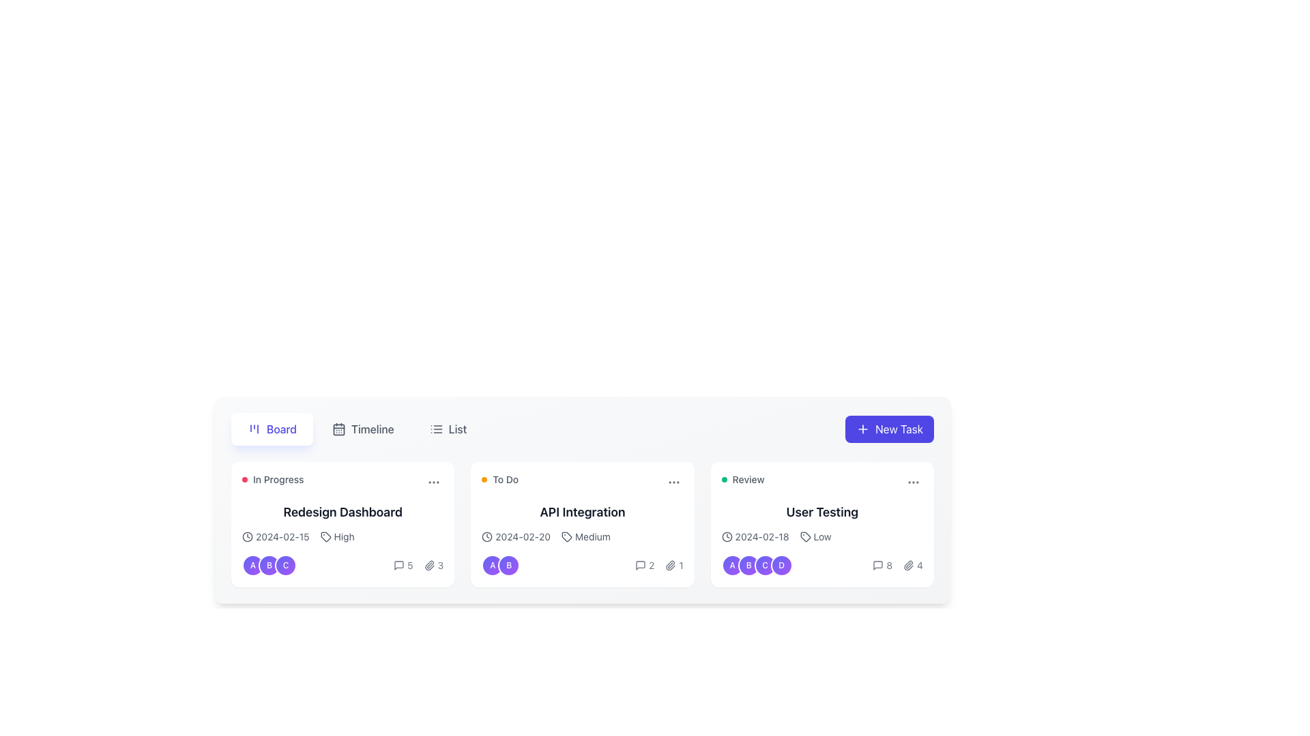  I want to click on the small paperclip icon located in the bottom right corner of the 'User Testing' card, so click(909, 565).